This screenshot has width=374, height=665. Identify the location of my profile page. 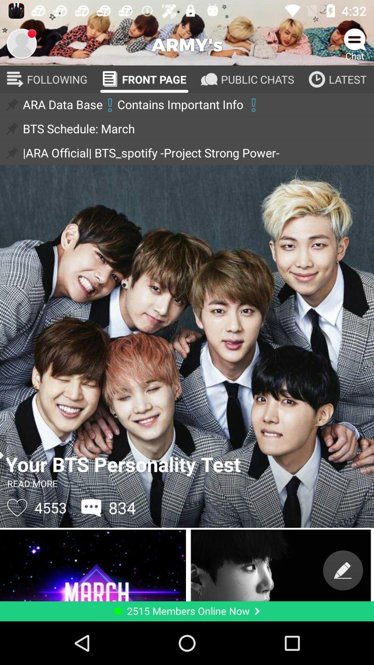
(21, 43).